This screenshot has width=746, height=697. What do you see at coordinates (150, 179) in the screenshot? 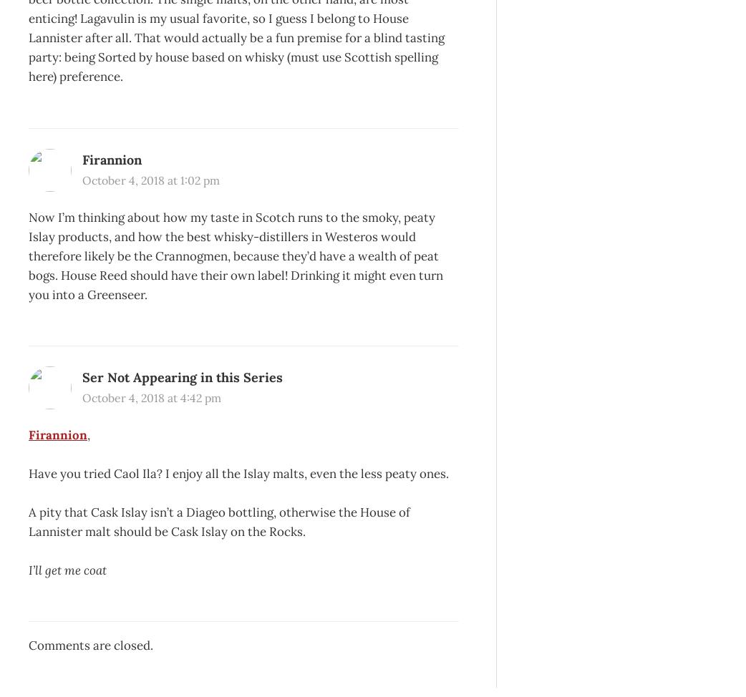
I see `'October 4, 2018 at 1:02 pm'` at bounding box center [150, 179].